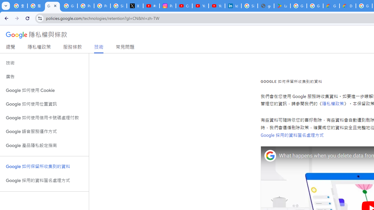 The height and width of the screenshot is (210, 374). Describe the element at coordinates (102, 6) in the screenshot. I see `'Privacy Help Center - Policies Help'` at that location.